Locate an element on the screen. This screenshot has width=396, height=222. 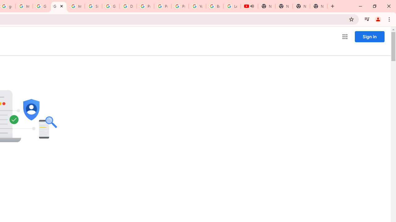
'Privacy Help Center - Policies Help' is located at coordinates (163, 6).